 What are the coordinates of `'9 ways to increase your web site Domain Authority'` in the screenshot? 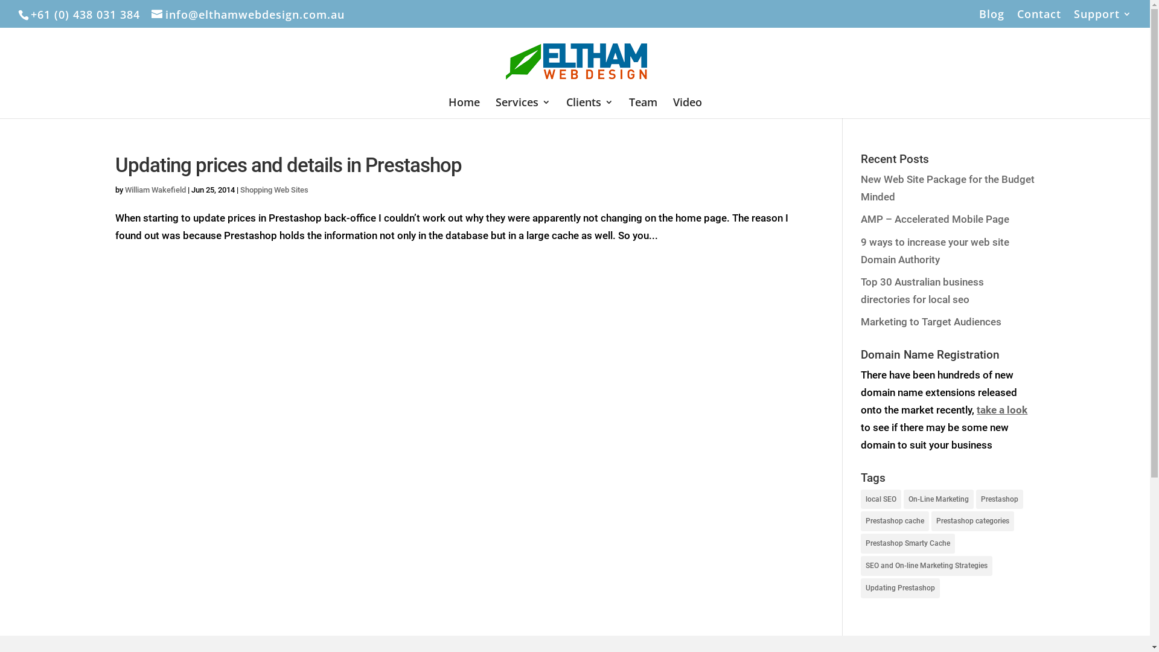 It's located at (934, 250).